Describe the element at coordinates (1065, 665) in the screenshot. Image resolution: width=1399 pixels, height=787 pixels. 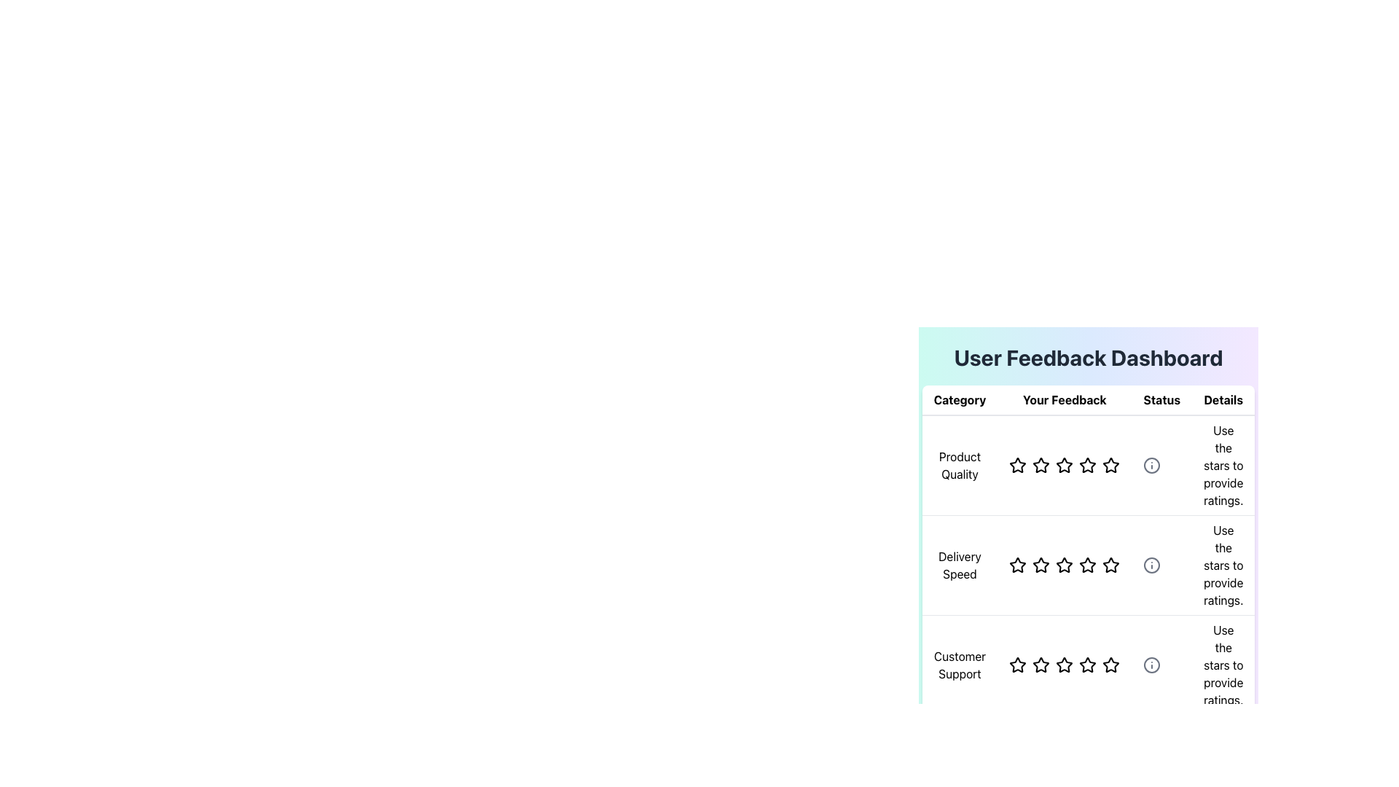
I see `the third star in the 'Customer Support' row of the star rating system to rate it` at that location.